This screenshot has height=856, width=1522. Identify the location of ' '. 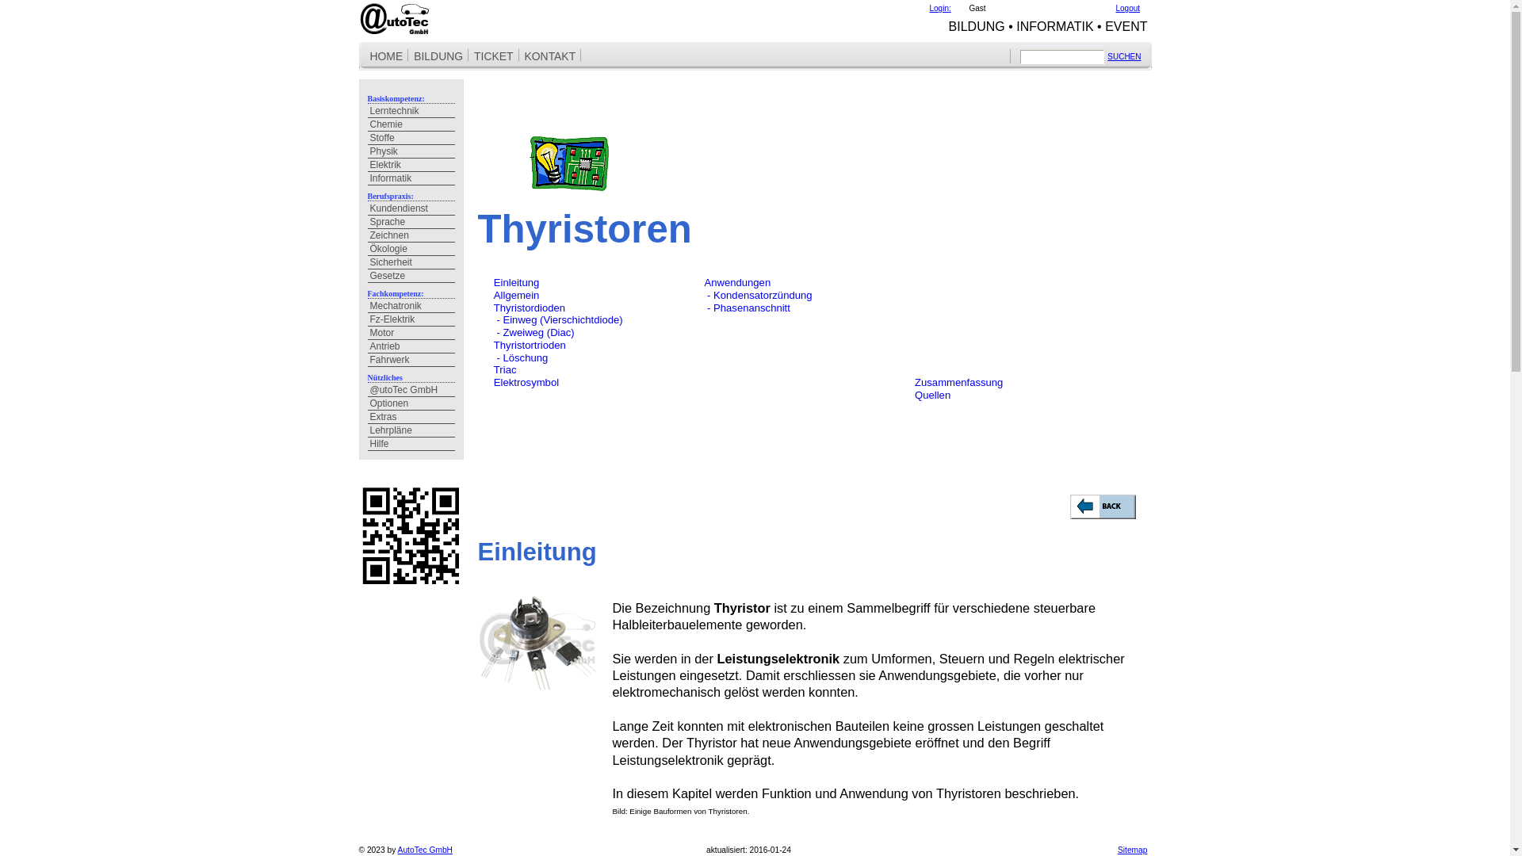
(478, 459).